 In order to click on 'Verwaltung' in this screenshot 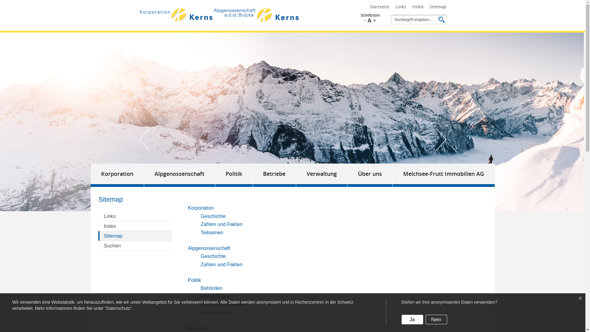, I will do `click(321, 175)`.